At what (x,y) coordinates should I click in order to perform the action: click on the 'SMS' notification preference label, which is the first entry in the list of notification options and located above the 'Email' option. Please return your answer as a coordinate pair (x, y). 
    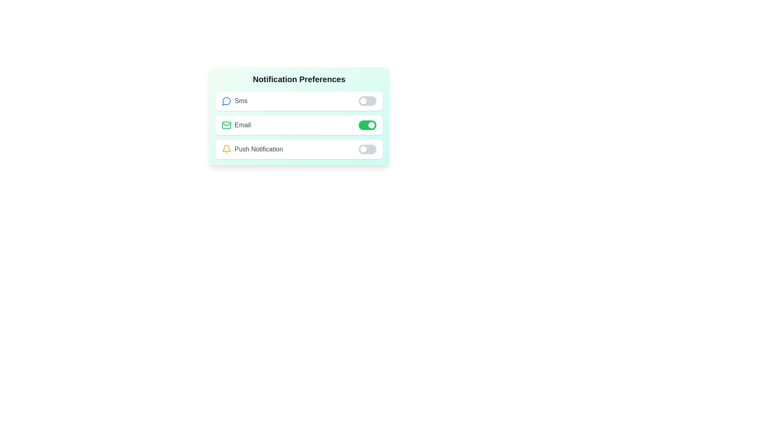
    Looking at the image, I should click on (234, 100).